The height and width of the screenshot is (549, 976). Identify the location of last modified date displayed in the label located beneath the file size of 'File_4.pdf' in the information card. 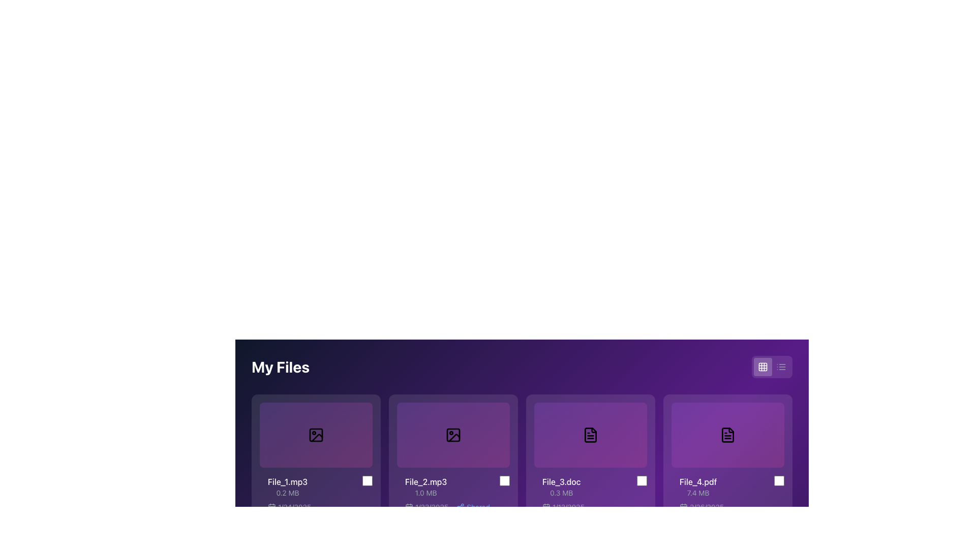
(732, 507).